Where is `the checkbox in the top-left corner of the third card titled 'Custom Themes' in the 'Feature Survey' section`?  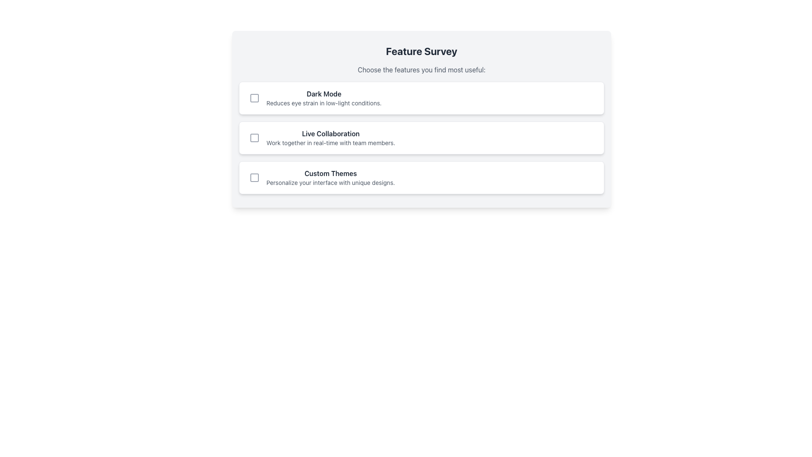
the checkbox in the top-left corner of the third card titled 'Custom Themes' in the 'Feature Survey' section is located at coordinates (422, 177).